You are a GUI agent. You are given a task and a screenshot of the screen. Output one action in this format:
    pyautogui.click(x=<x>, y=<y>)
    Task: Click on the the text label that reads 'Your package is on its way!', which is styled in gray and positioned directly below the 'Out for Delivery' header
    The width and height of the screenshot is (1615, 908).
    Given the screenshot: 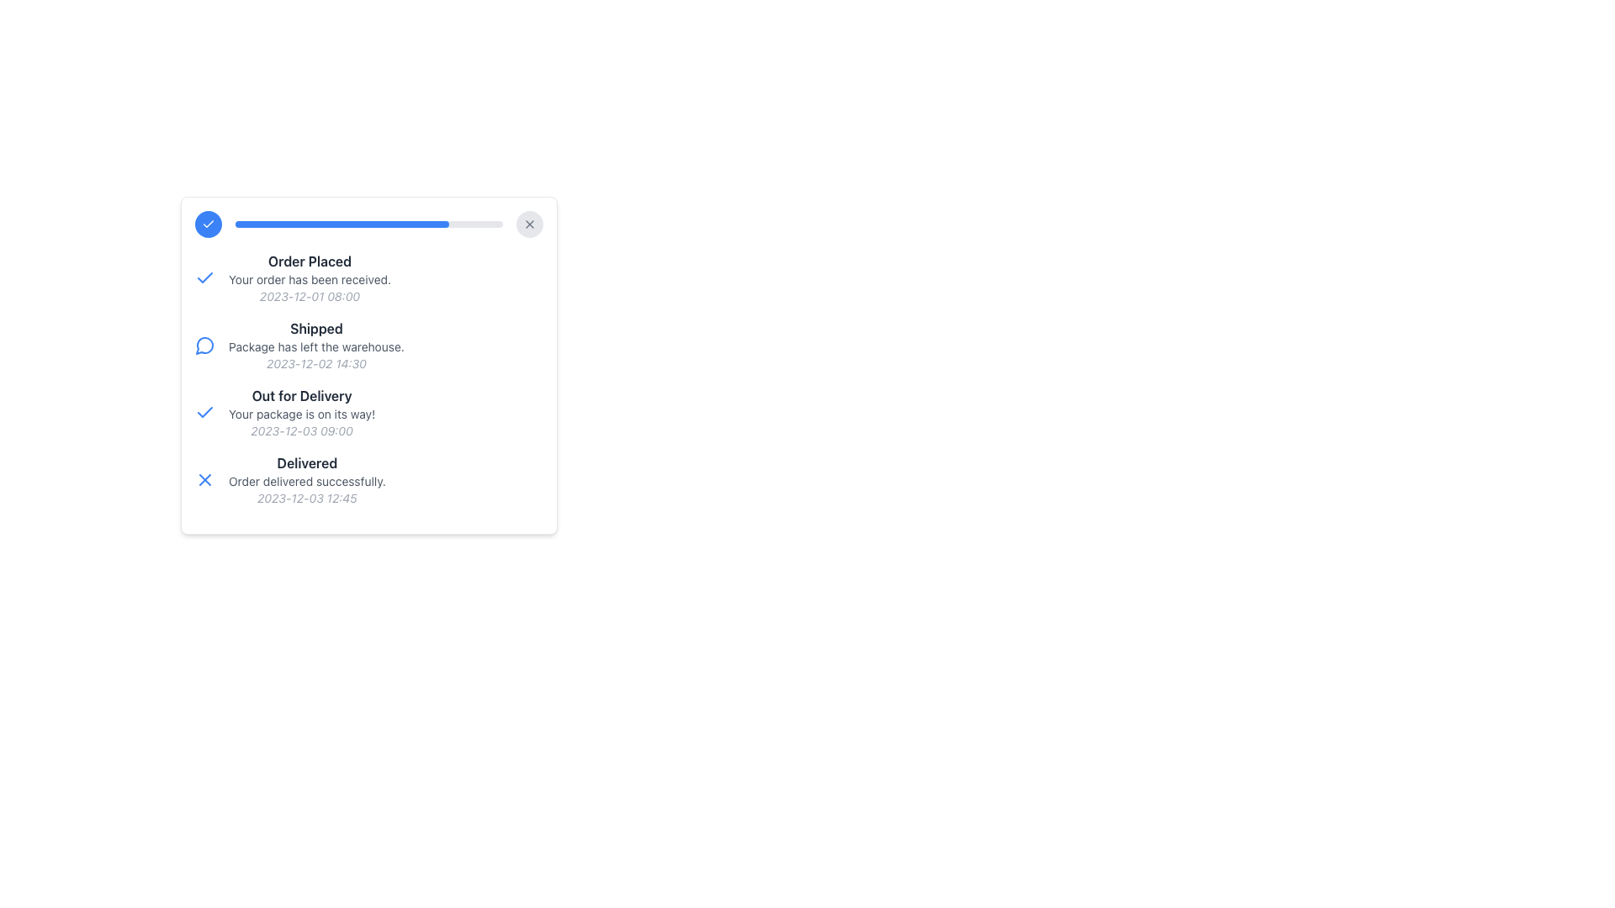 What is the action you would take?
    pyautogui.click(x=302, y=414)
    